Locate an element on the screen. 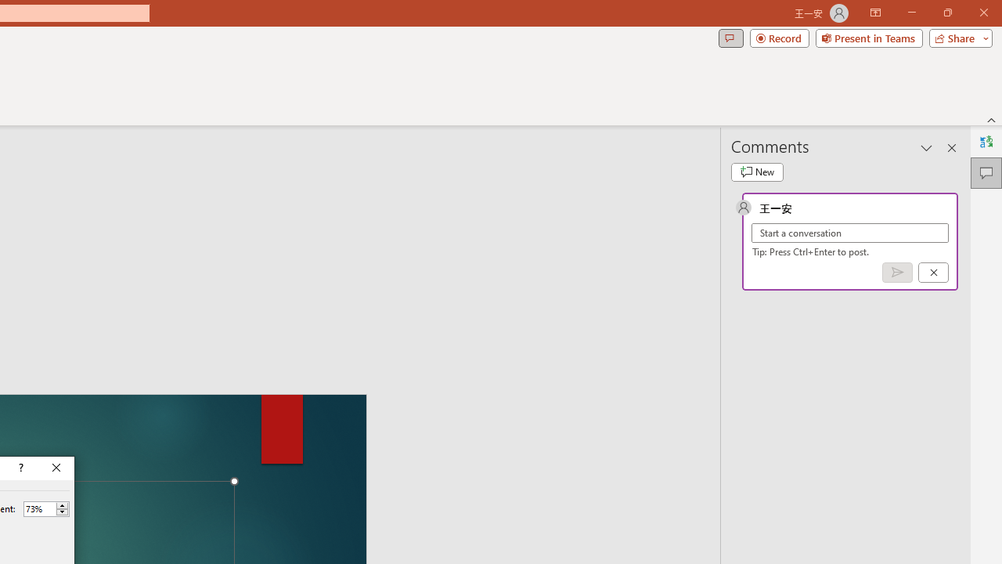 This screenshot has width=1002, height=564. 'Less' is located at coordinates (62, 512).